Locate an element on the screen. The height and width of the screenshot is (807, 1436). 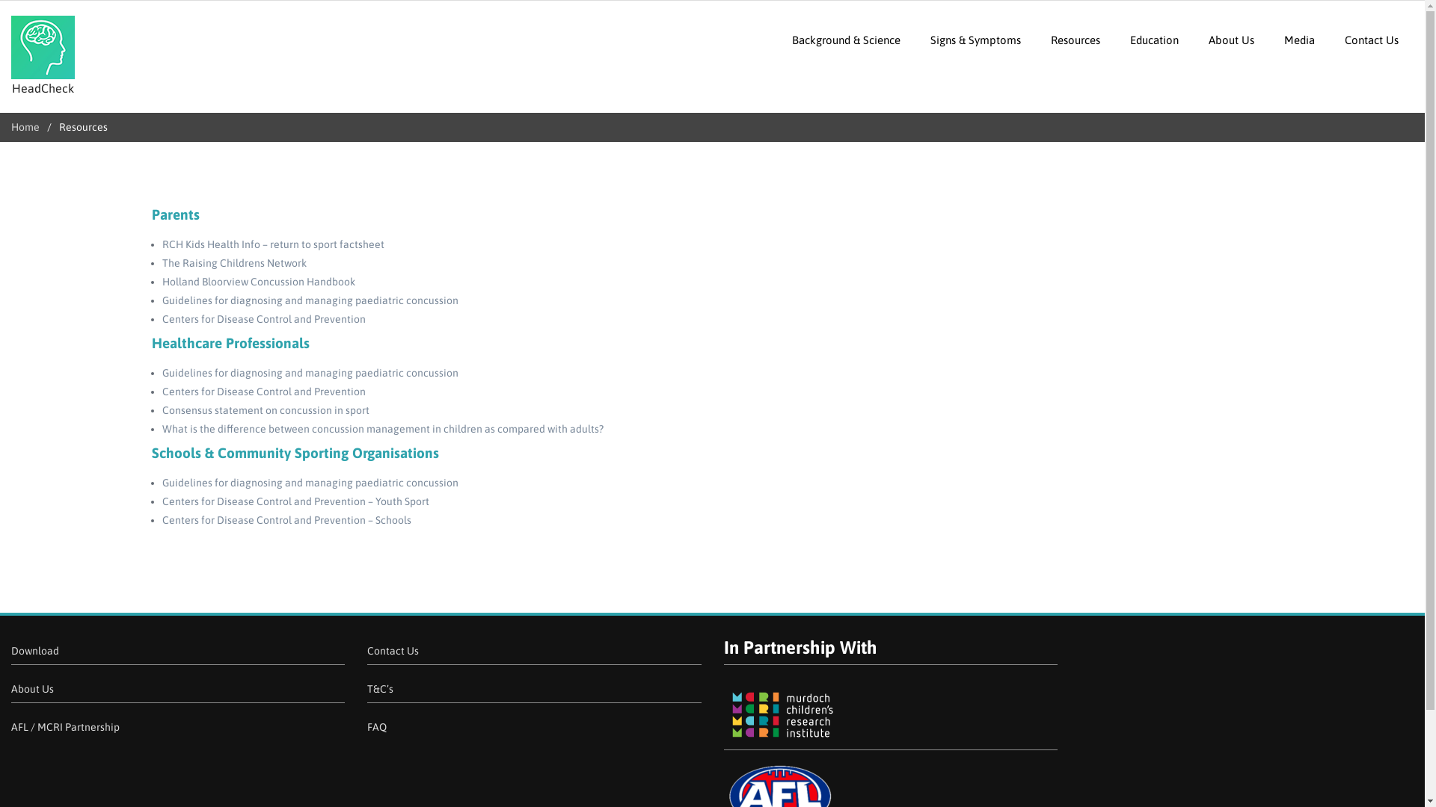
'Media' is located at coordinates (1298, 39).